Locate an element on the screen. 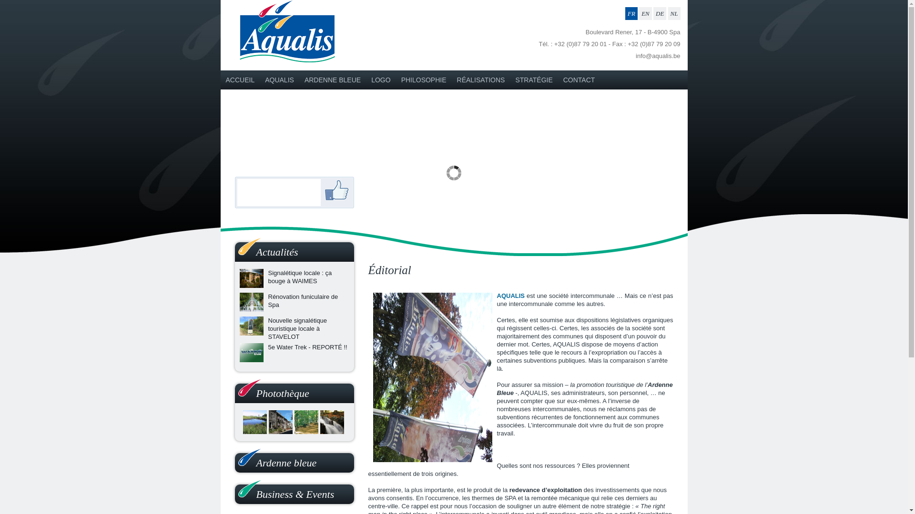 The image size is (915, 514). 'Business & Events' is located at coordinates (256, 494).